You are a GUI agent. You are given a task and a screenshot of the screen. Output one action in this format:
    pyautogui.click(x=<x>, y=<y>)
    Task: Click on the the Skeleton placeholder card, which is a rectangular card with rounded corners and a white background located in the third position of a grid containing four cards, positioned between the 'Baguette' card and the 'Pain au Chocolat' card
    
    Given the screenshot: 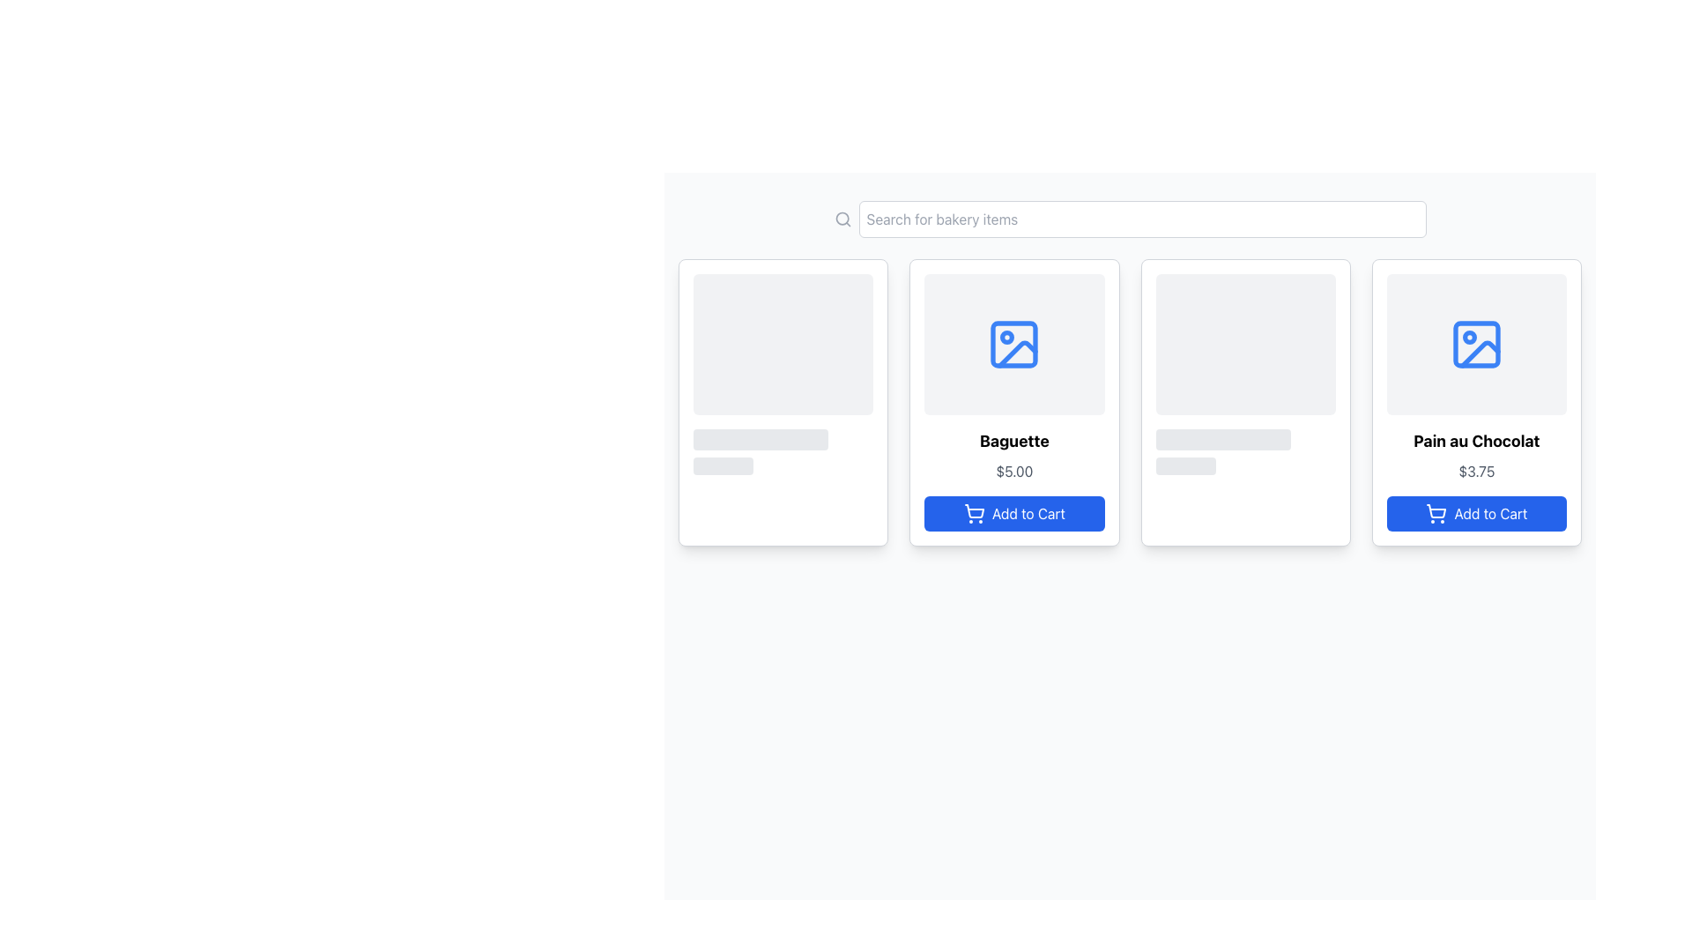 What is the action you would take?
    pyautogui.click(x=1244, y=402)
    